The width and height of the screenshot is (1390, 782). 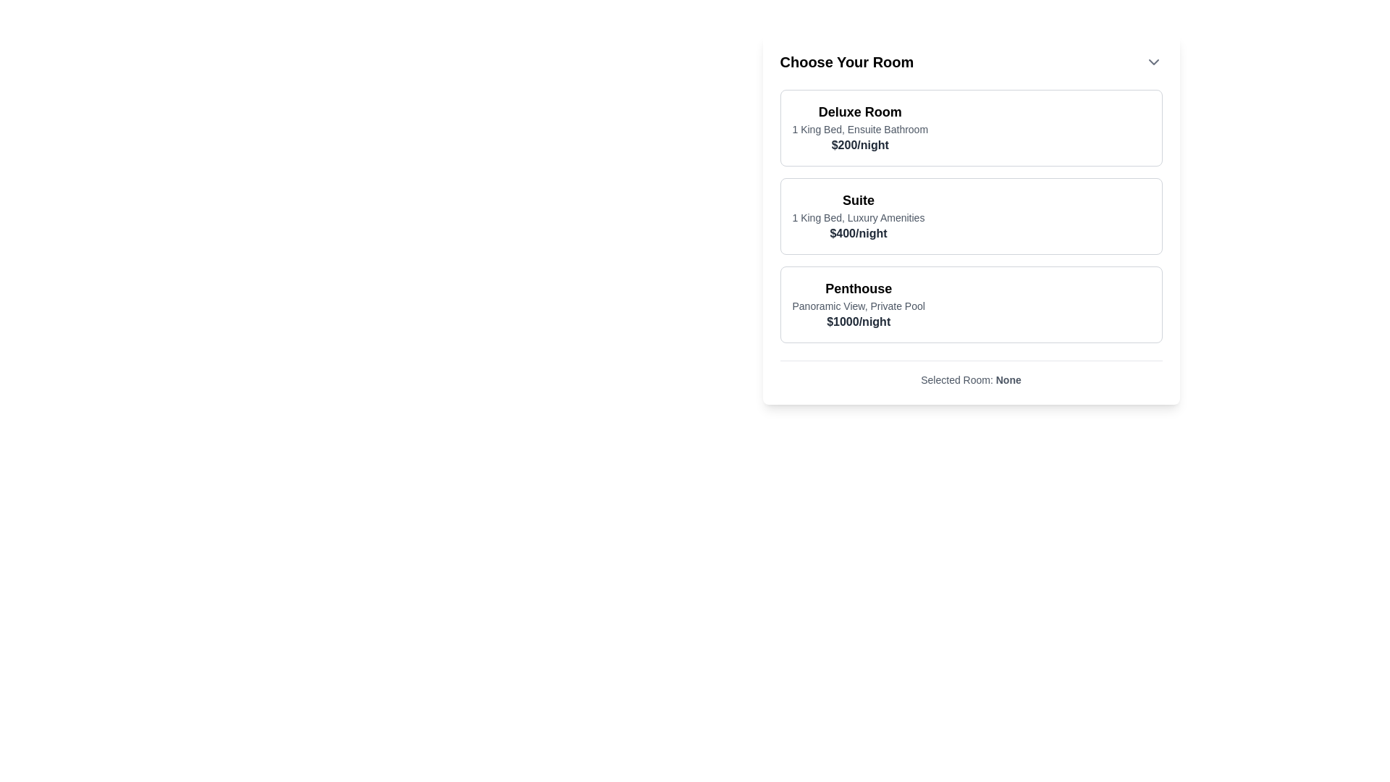 I want to click on the 'Choose Your Room' dropdown trigger, so click(x=971, y=61).